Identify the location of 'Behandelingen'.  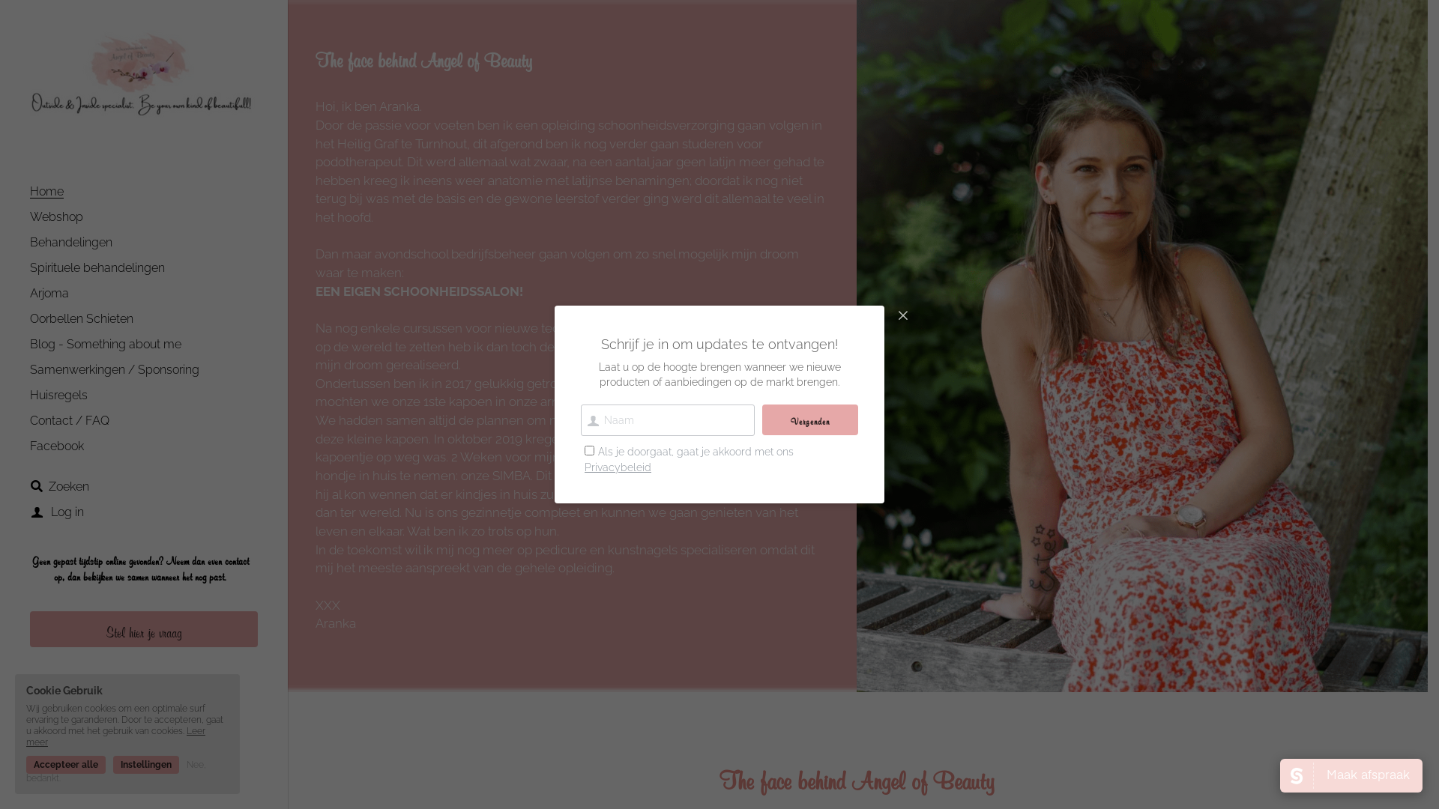
(70, 241).